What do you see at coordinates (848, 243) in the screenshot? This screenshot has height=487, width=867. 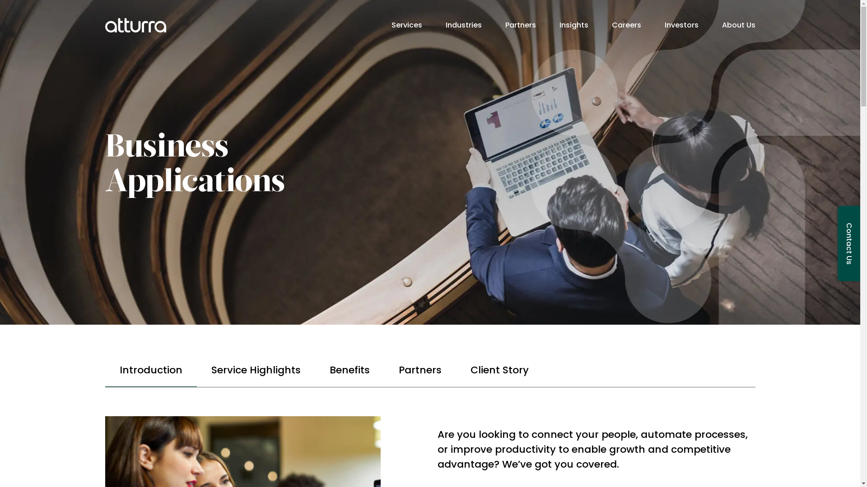 I see `'Contact Us'` at bounding box center [848, 243].